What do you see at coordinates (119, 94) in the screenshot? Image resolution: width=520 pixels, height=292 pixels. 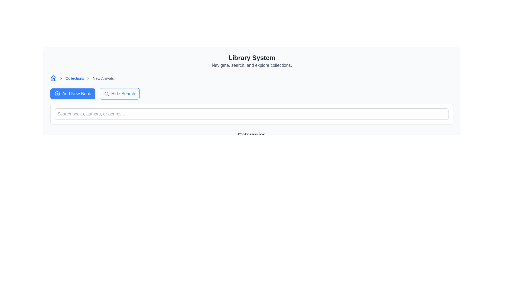 I see `the 'Hide Search' button in the header section, which is a rounded rectangular button with light blue text and a magnifying glass icon` at bounding box center [119, 94].